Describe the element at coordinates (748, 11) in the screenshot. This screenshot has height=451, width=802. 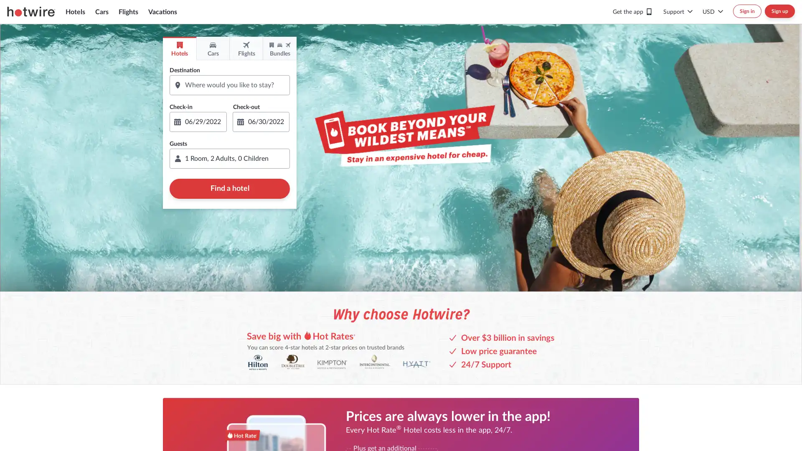
I see `Sign in` at that location.